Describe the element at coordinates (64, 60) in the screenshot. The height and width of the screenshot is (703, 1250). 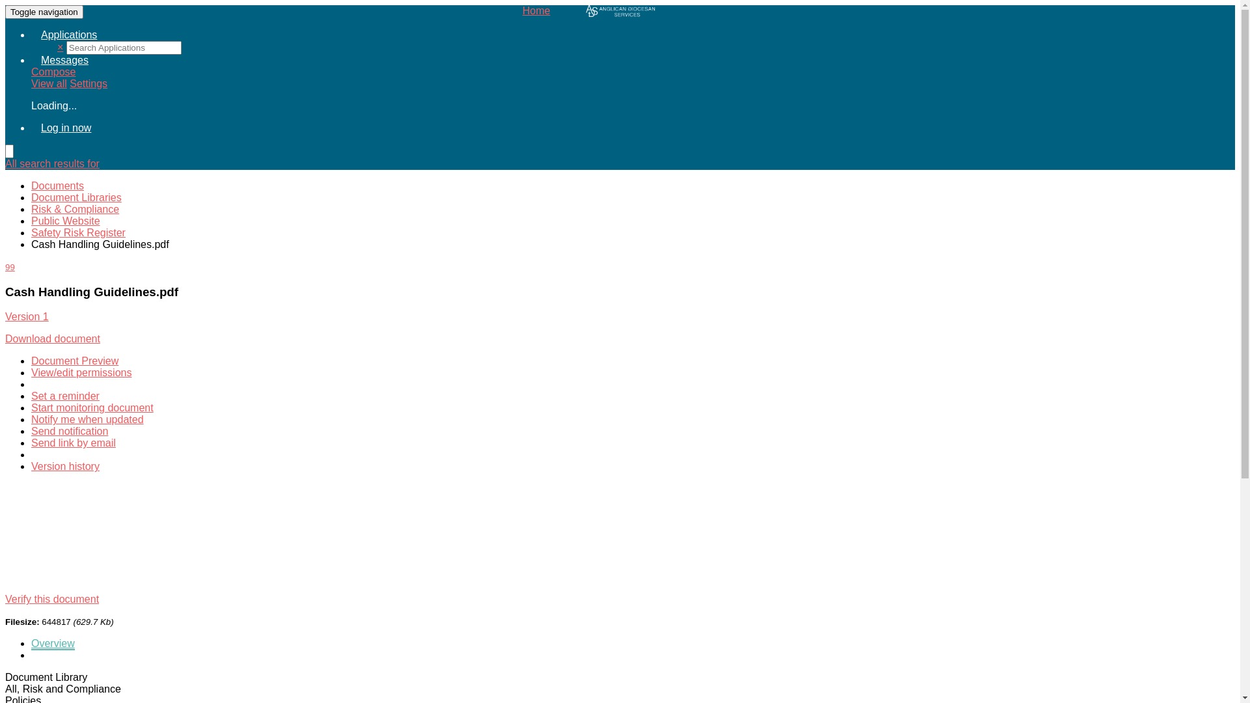
I see `'Messages'` at that location.